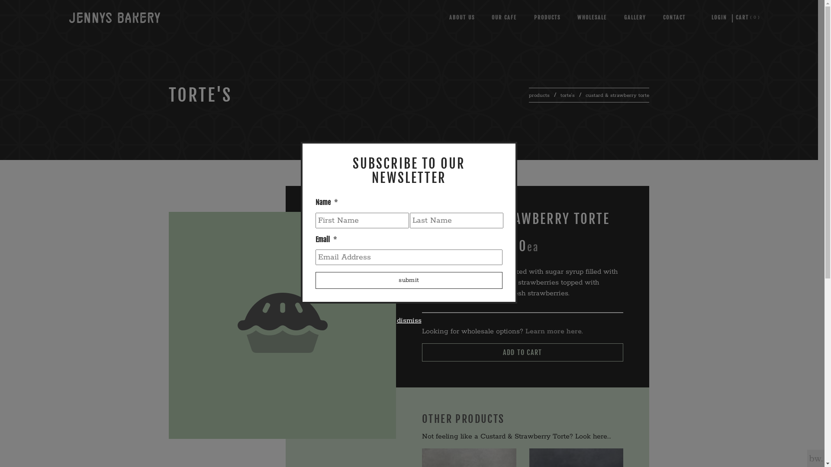 This screenshot has height=467, width=831. What do you see at coordinates (409, 280) in the screenshot?
I see `'Submit'` at bounding box center [409, 280].